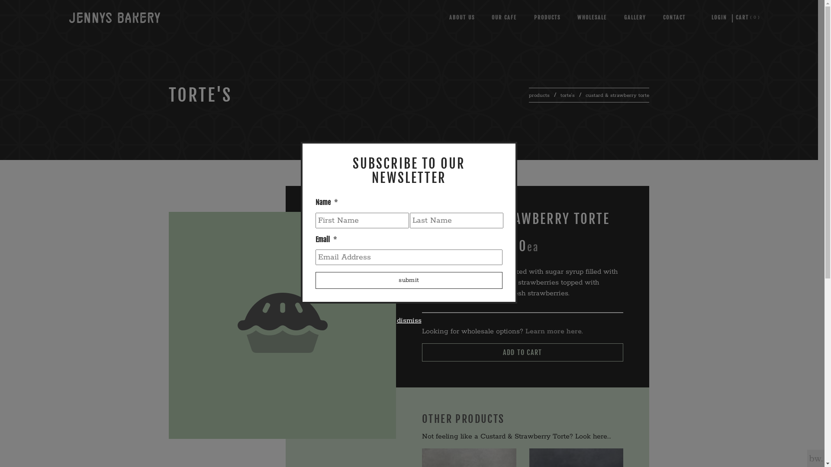 This screenshot has height=467, width=831. What do you see at coordinates (409, 280) in the screenshot?
I see `'Submit'` at bounding box center [409, 280].